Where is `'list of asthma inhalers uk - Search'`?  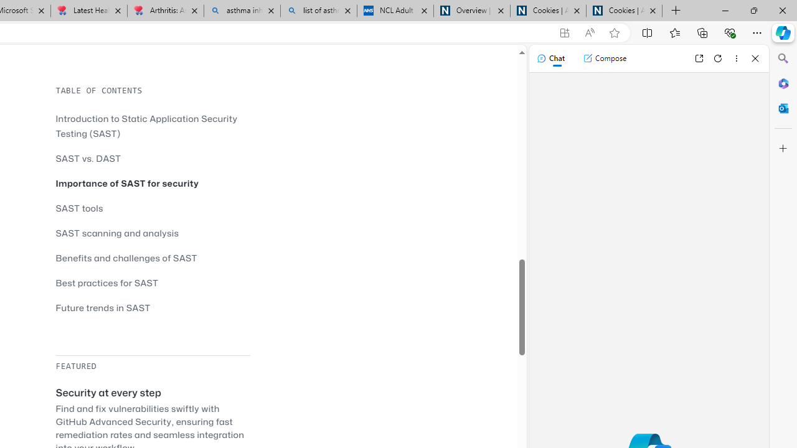
'list of asthma inhalers uk - Search' is located at coordinates (319, 11).